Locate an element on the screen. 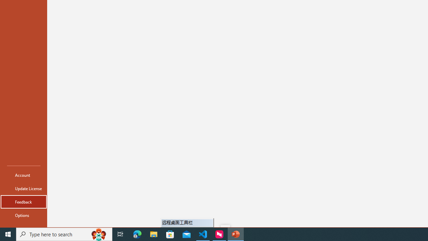 The width and height of the screenshot is (428, 241). 'Search highlights icon opens search home window' is located at coordinates (98, 234).